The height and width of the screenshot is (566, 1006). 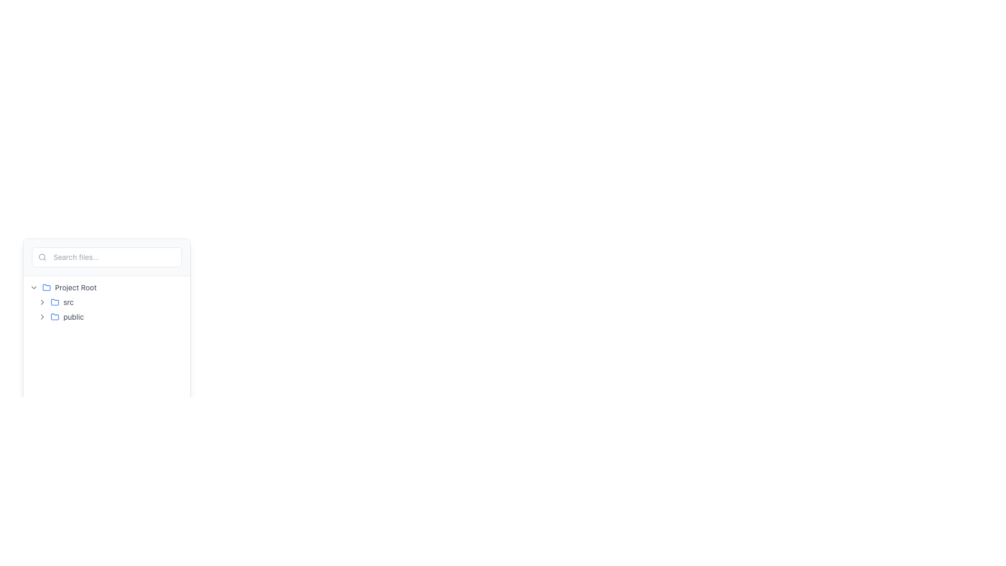 I want to click on the 'public' directory item, so click(x=111, y=317).